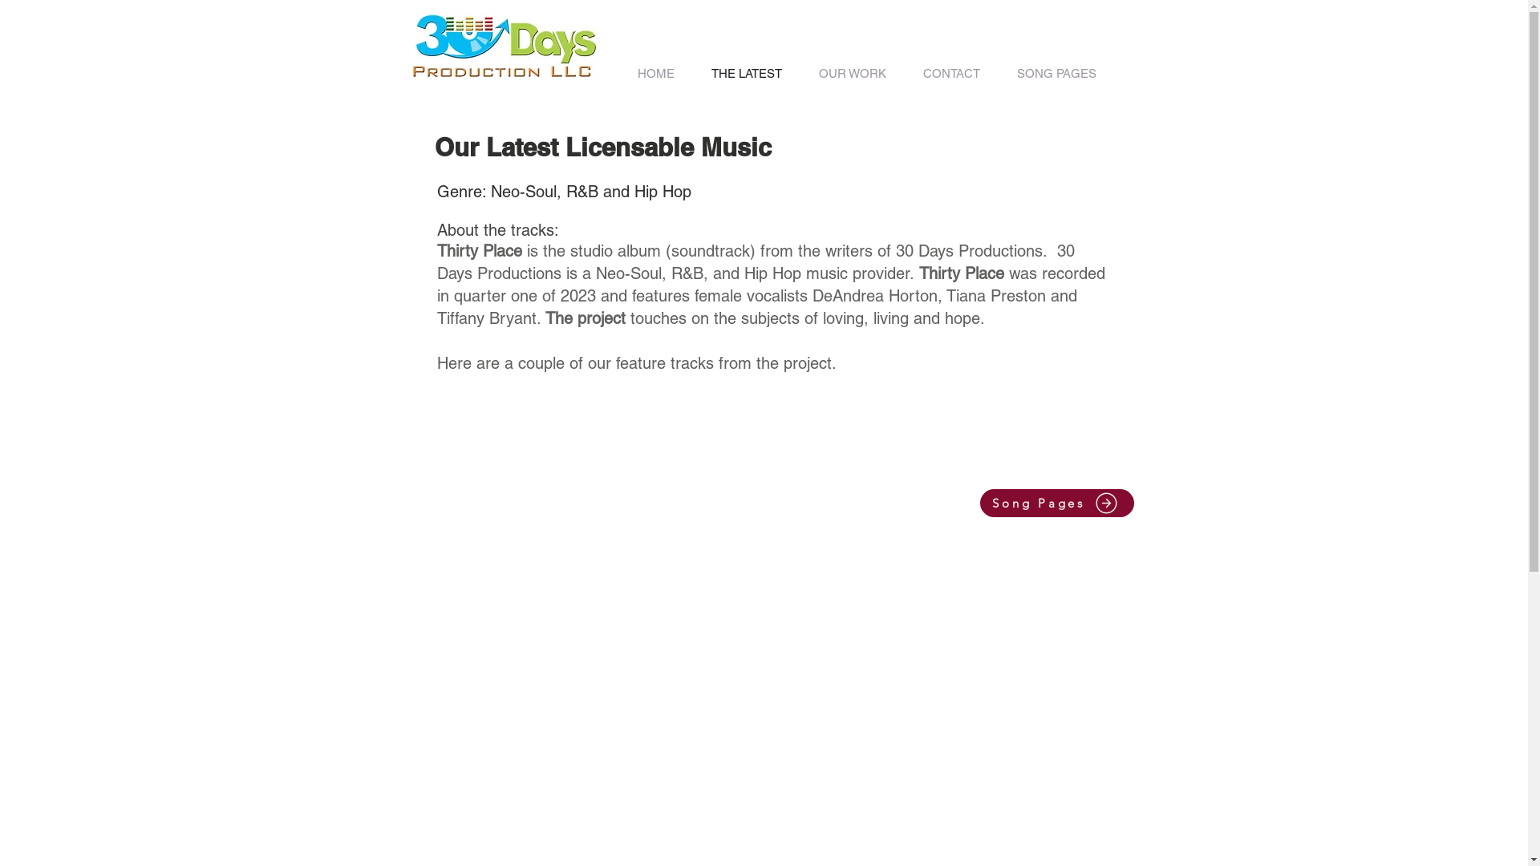 The width and height of the screenshot is (1540, 866). I want to click on 'HOME', so click(618, 73).